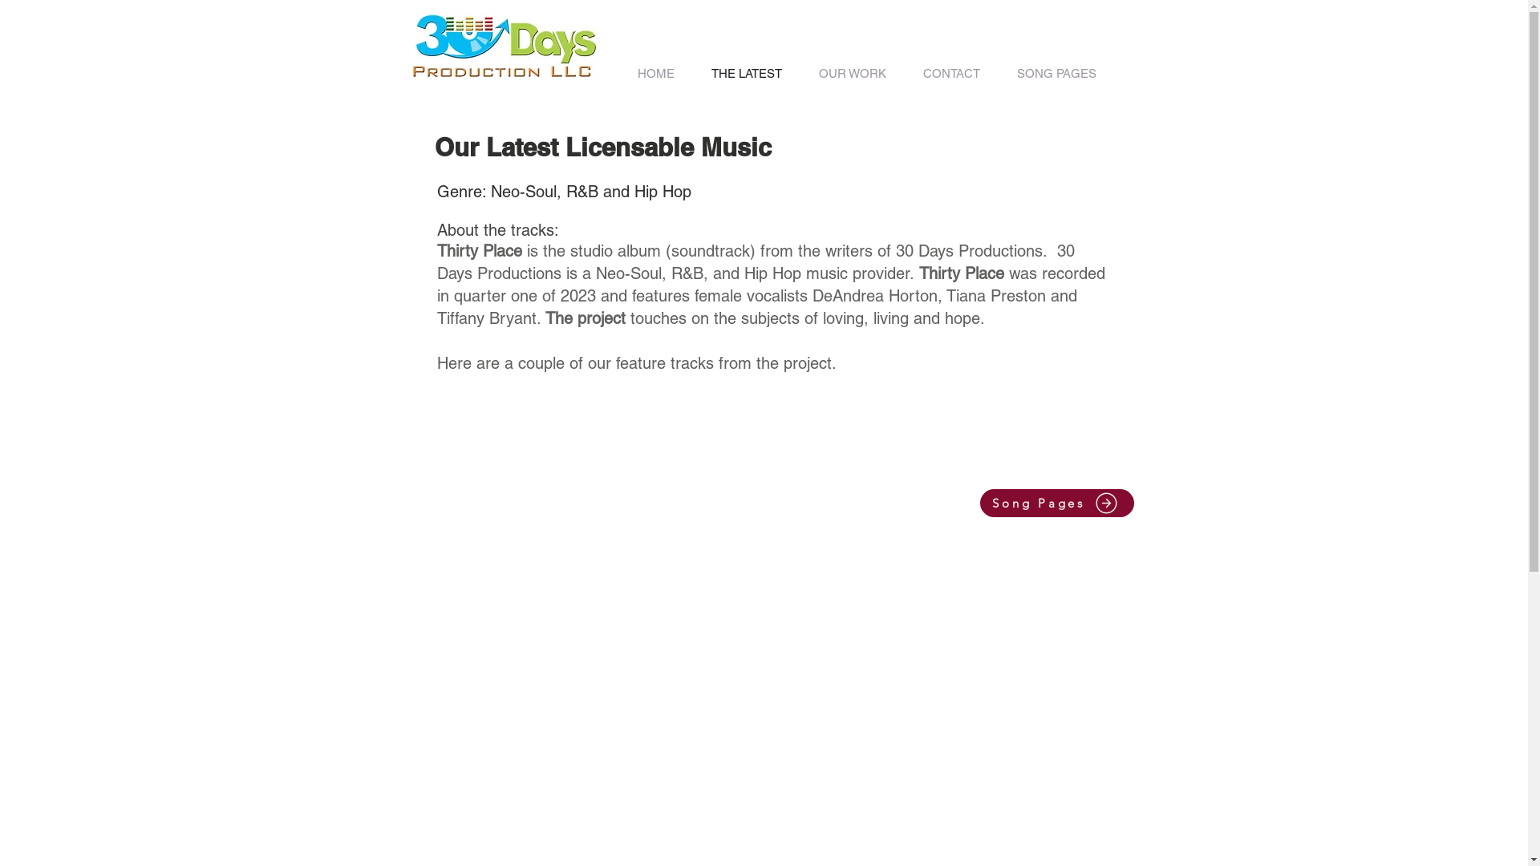 The width and height of the screenshot is (1540, 866). I want to click on 'HOME', so click(618, 73).